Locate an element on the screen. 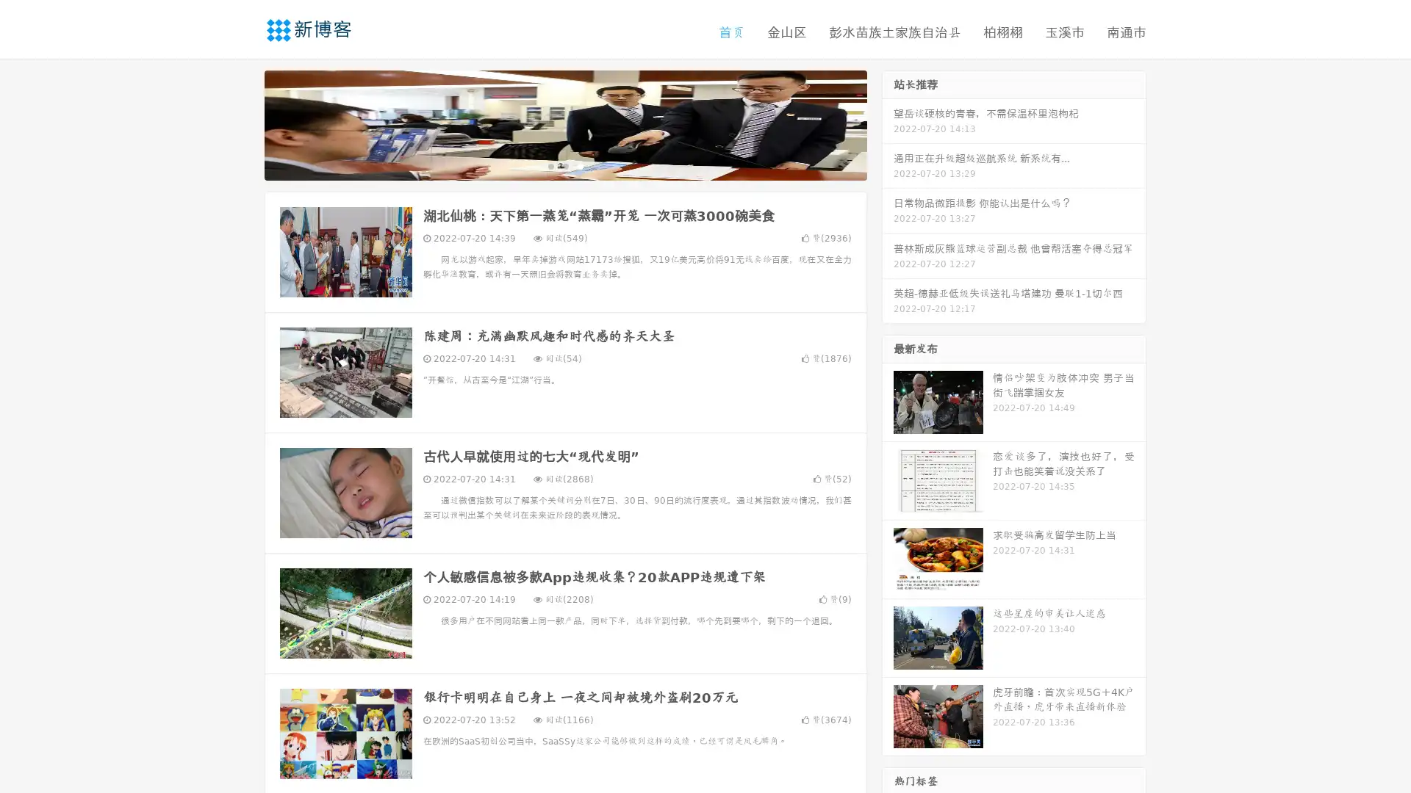 The image size is (1411, 793). Previous slide is located at coordinates (243, 123).